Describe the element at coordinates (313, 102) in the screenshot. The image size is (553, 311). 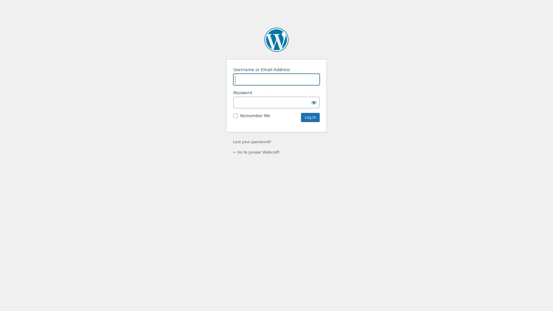
I see `Show password` at that location.